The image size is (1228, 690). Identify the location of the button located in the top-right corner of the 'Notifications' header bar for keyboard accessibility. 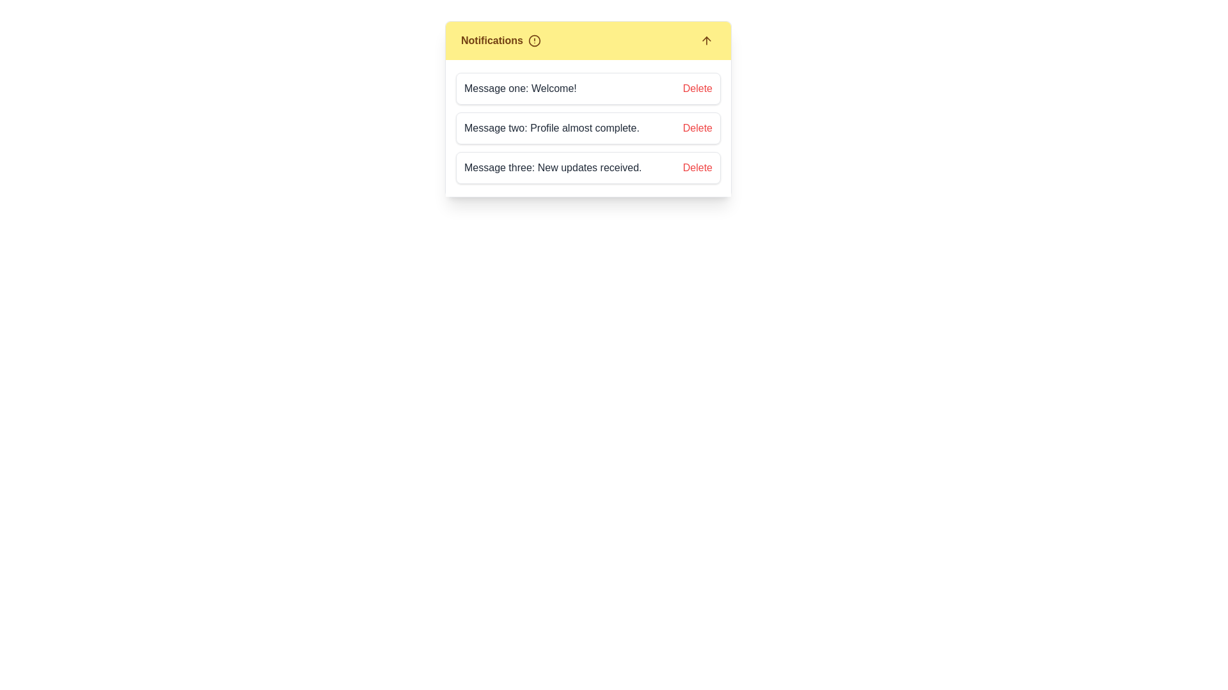
(705, 40).